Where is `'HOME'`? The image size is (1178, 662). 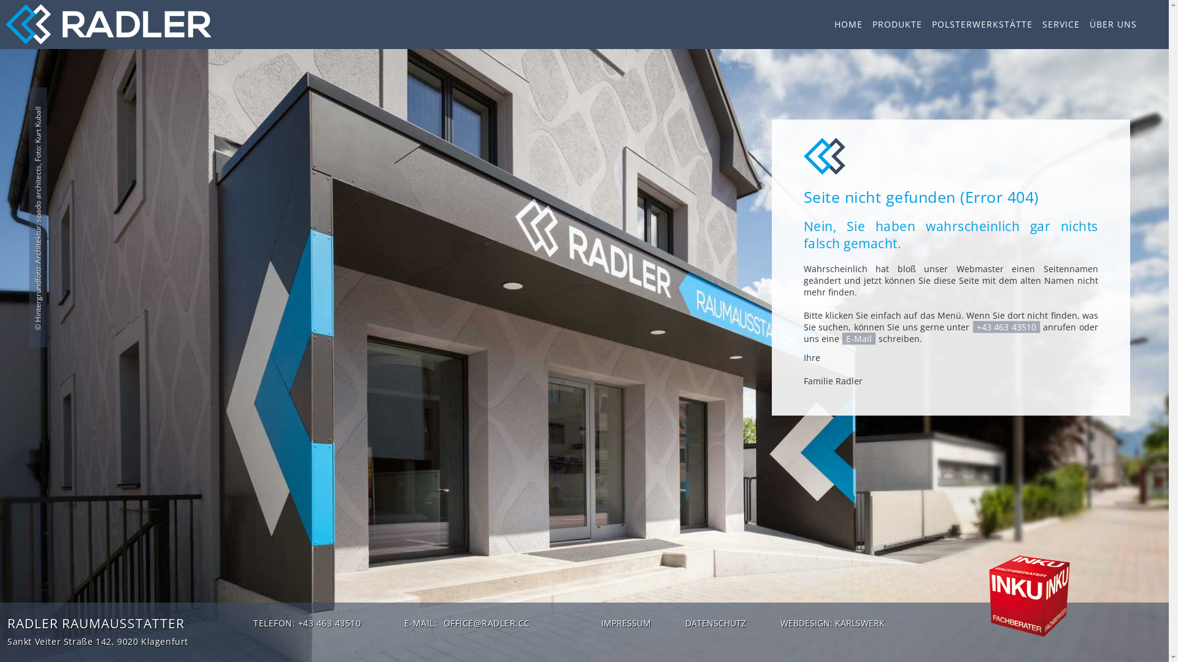 'HOME' is located at coordinates (834, 24).